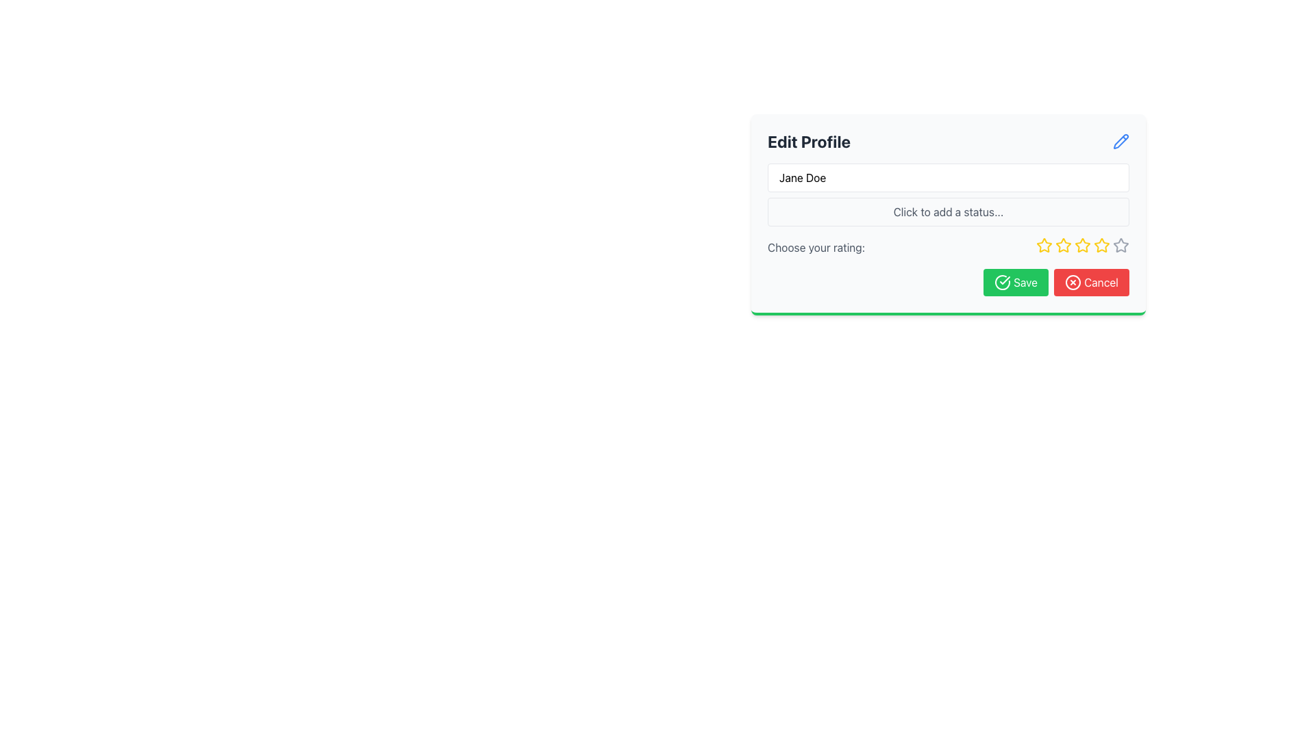 This screenshot has height=739, width=1315. I want to click on the stylized pencil icon with a blue outline located at the top-right corner of the 'Edit Profile' box, so click(1120, 140).